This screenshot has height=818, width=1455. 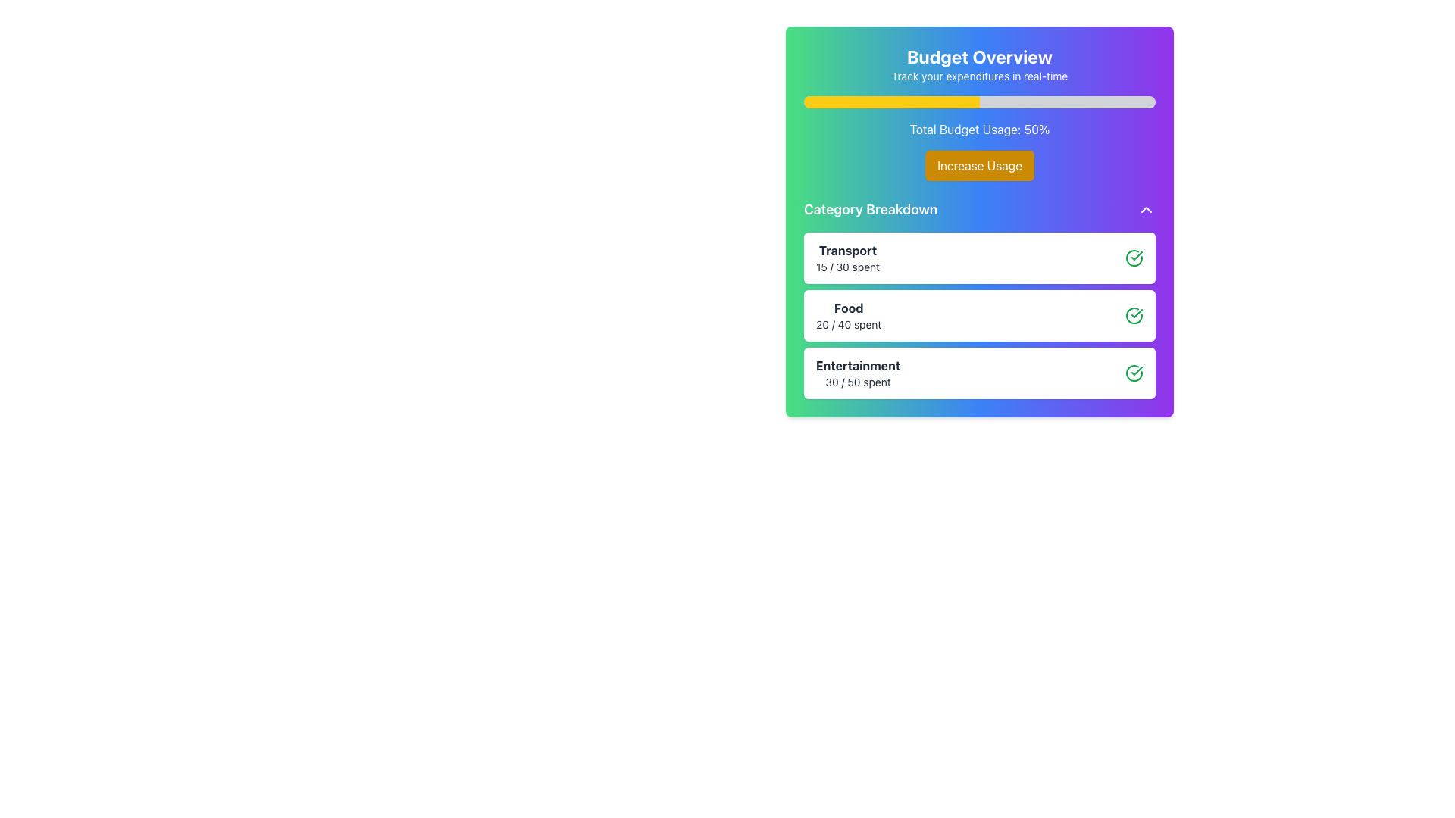 What do you see at coordinates (1134, 257) in the screenshot?
I see `the status indicator icon located on the right side of the 'Transport' category row` at bounding box center [1134, 257].